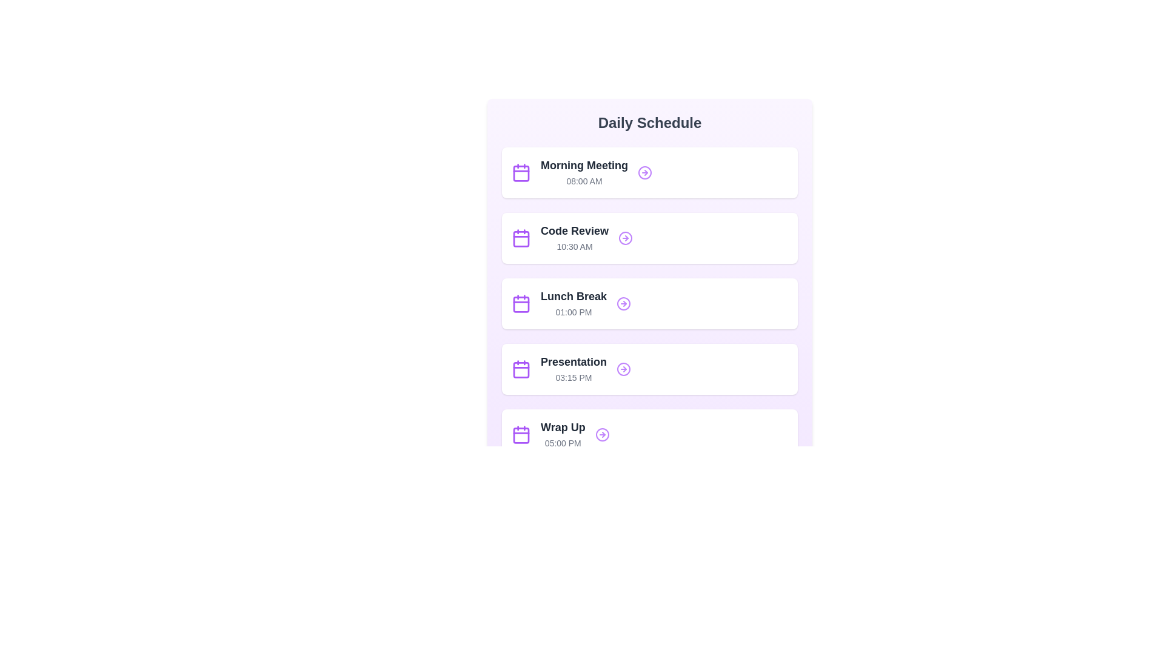 The height and width of the screenshot is (655, 1164). Describe the element at coordinates (562, 434) in the screenshot. I see `the text label grouping indicating the scheduled activity titled 'Wrap Up' at 5:00 PM, located at the bottom of the vertically aligned list` at that location.